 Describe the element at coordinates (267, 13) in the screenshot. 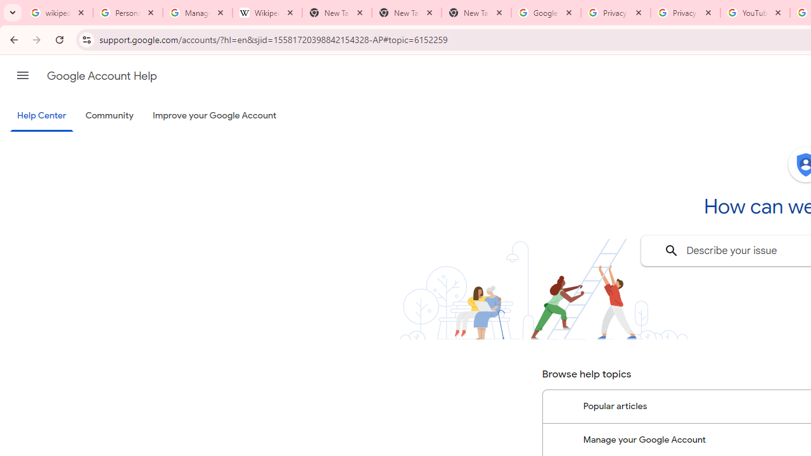

I see `'Wikipedia:Edit requests - Wikipedia'` at that location.